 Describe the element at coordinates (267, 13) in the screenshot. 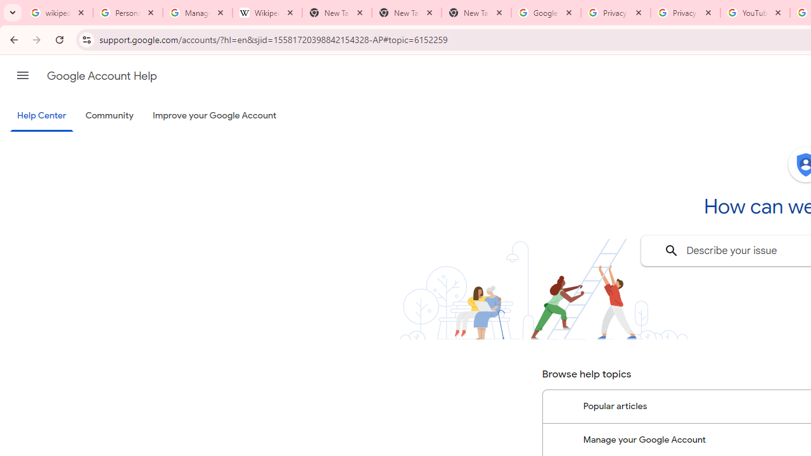

I see `'Wikipedia:Edit requests - Wikipedia'` at that location.